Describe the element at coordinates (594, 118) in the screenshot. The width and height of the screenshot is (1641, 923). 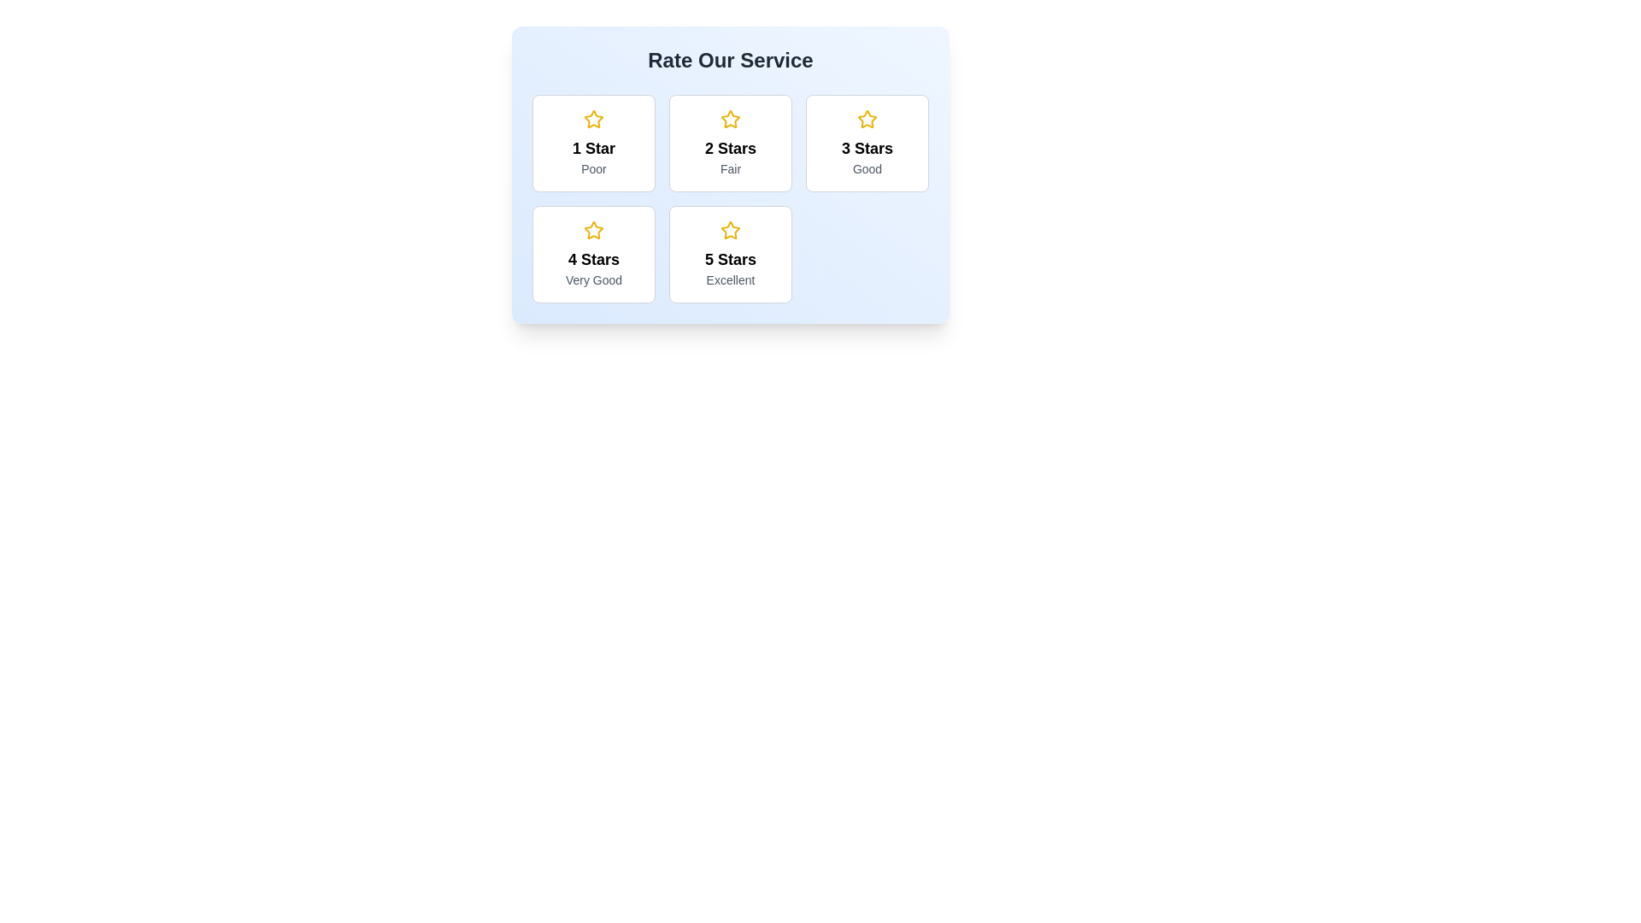
I see `the yellow star icon labeled '1 Star' with the description 'Poor' from its position in the top-left box of the rating options grid` at that location.